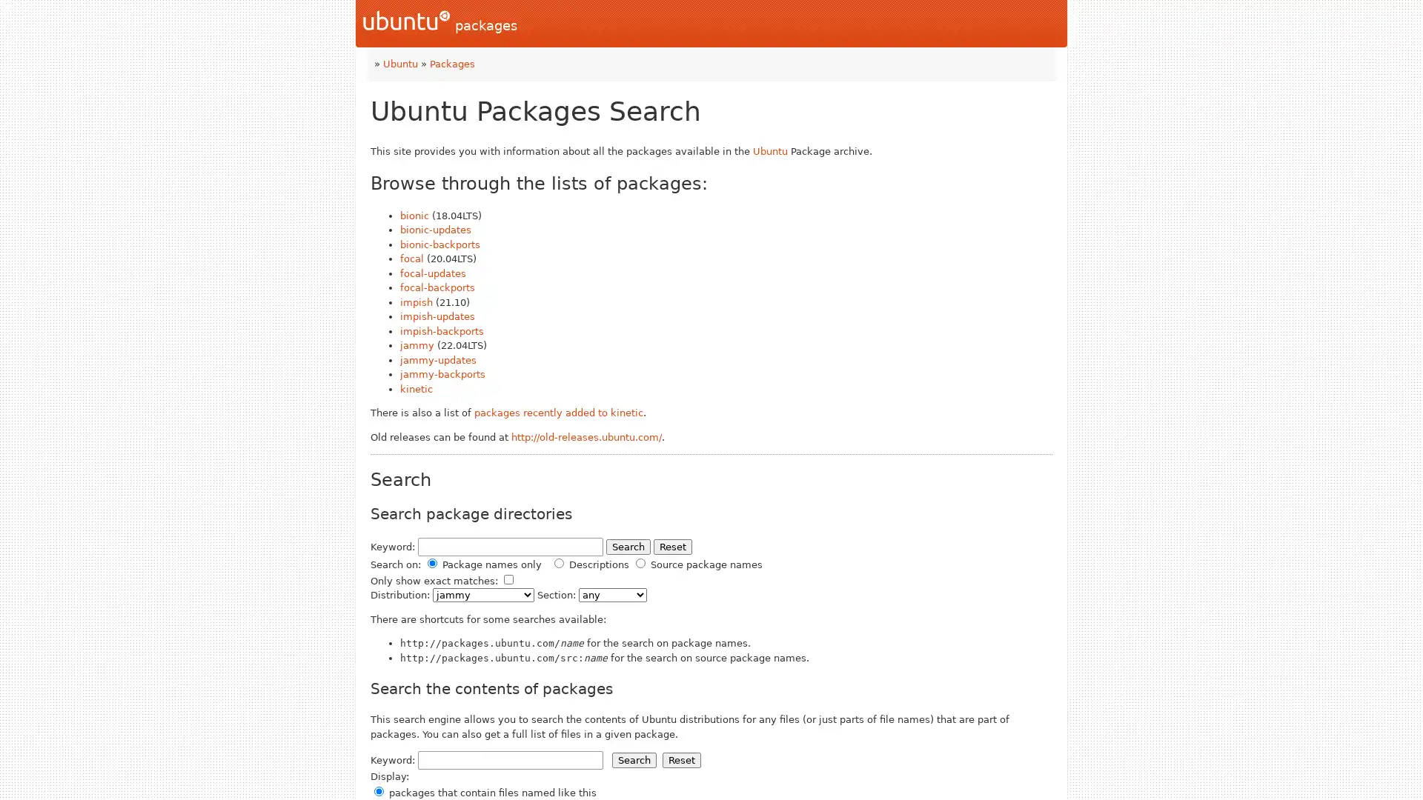 The width and height of the screenshot is (1423, 800). I want to click on Search, so click(634, 760).